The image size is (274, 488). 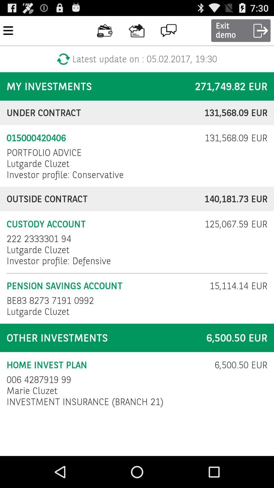 I want to click on the item below marie cluzet icon, so click(x=85, y=401).